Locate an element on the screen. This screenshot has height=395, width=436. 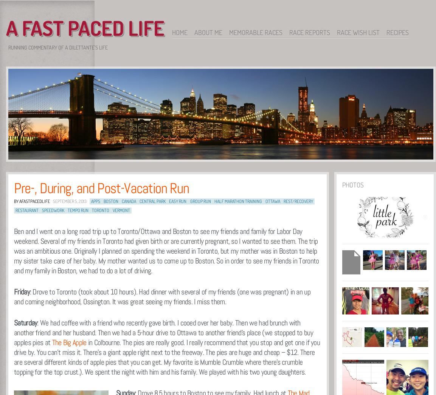
'tempo run' is located at coordinates (67, 210).